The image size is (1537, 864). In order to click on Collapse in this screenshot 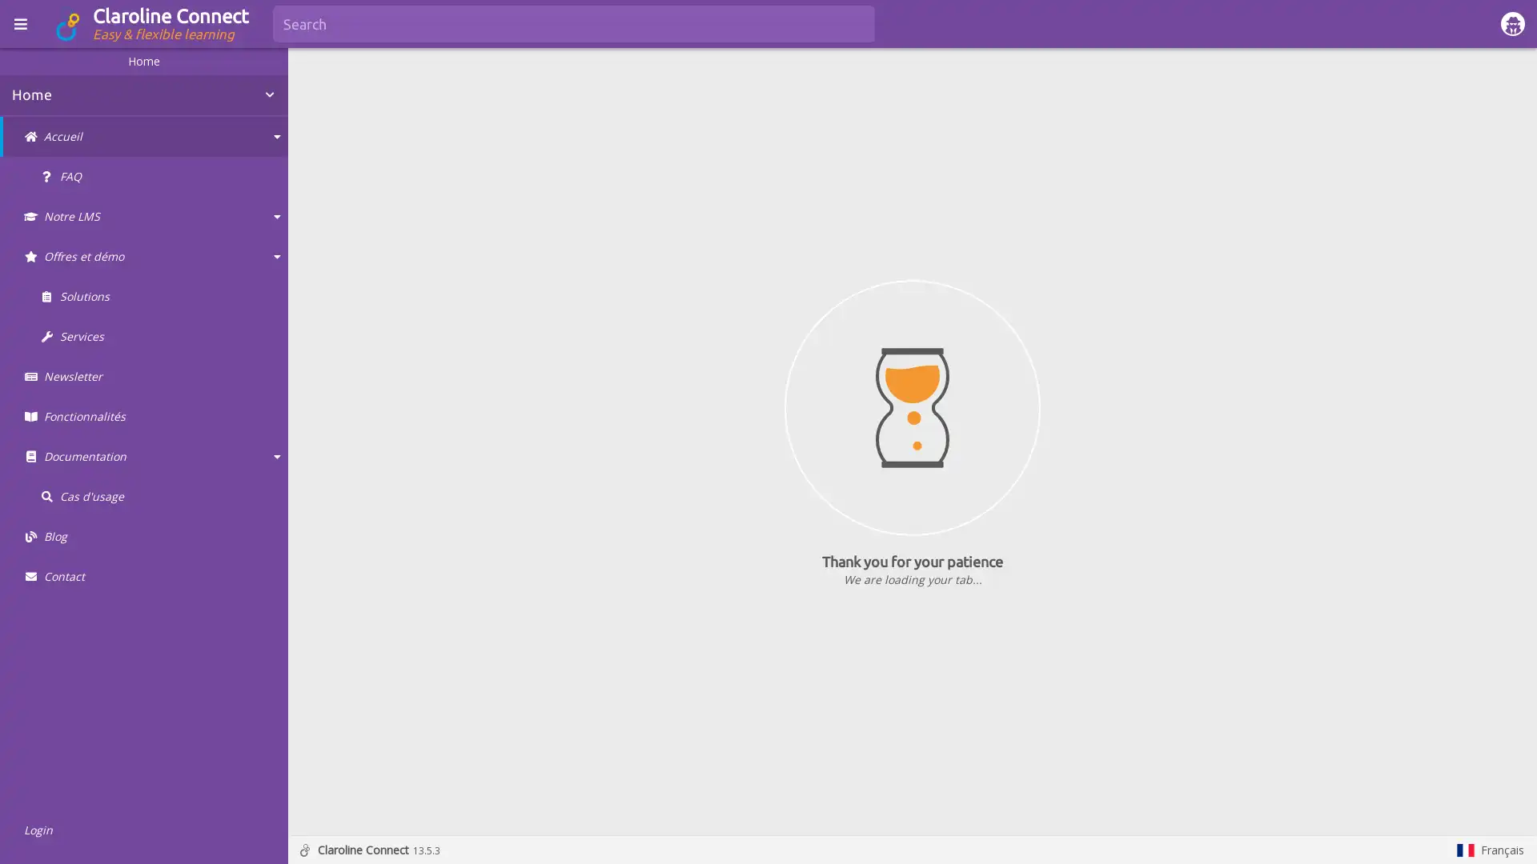, I will do `click(276, 255)`.